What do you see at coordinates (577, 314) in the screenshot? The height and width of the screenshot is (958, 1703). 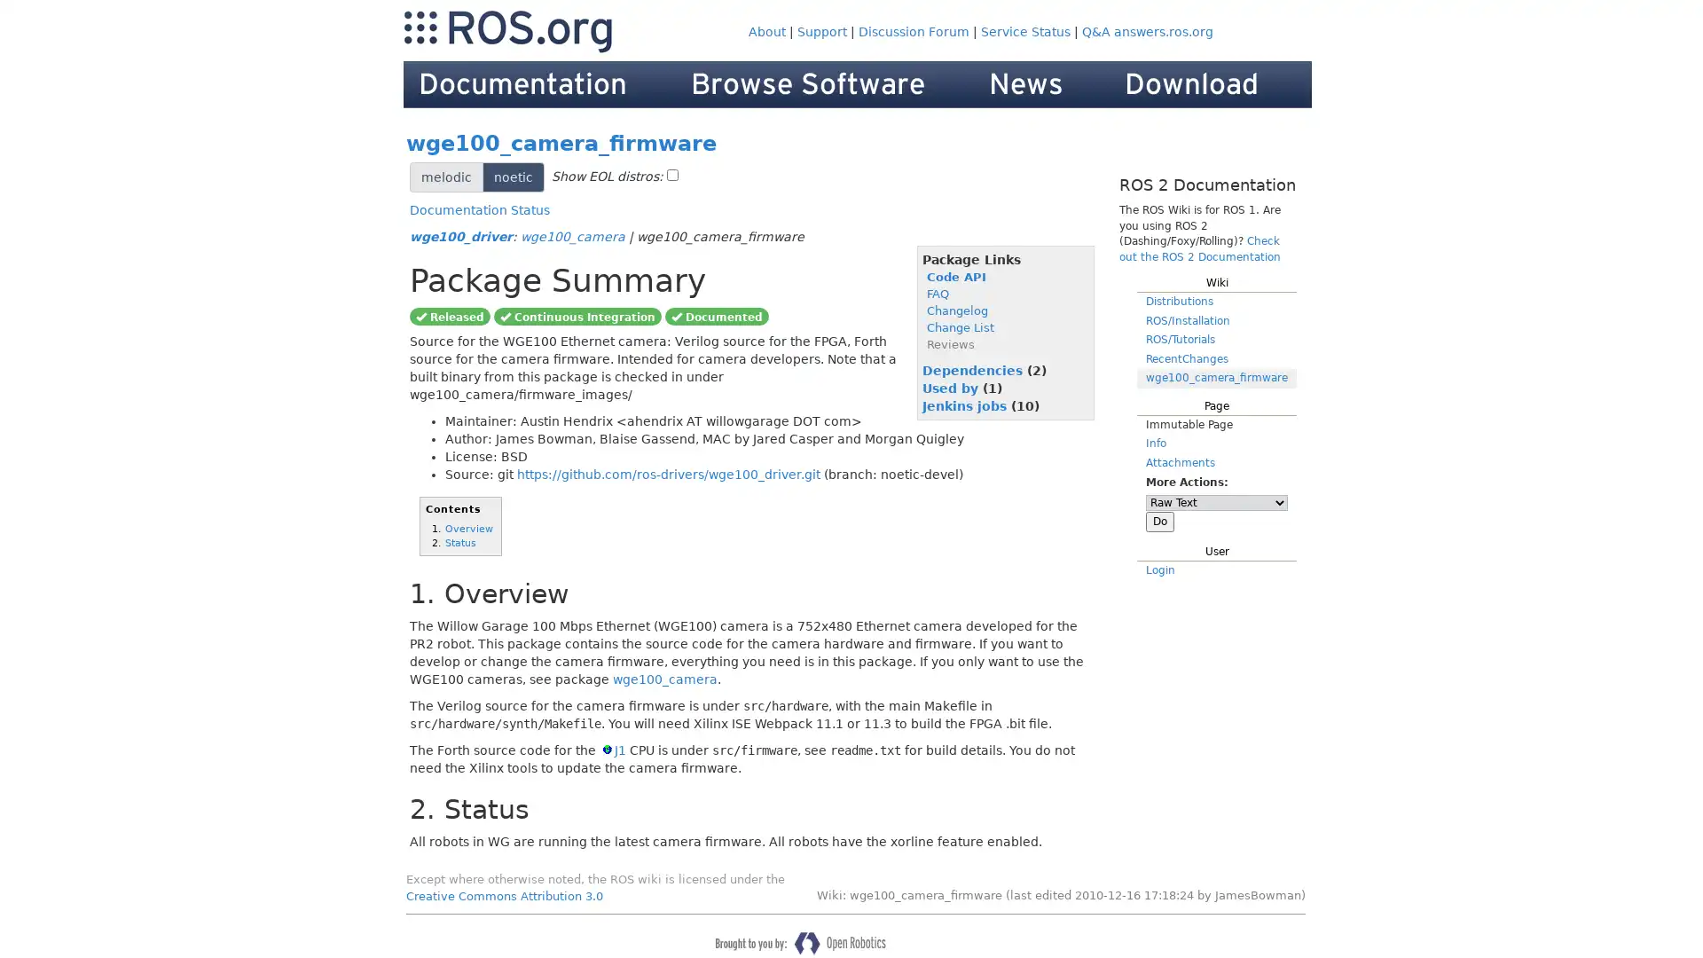 I see `Continuous Integration` at bounding box center [577, 314].